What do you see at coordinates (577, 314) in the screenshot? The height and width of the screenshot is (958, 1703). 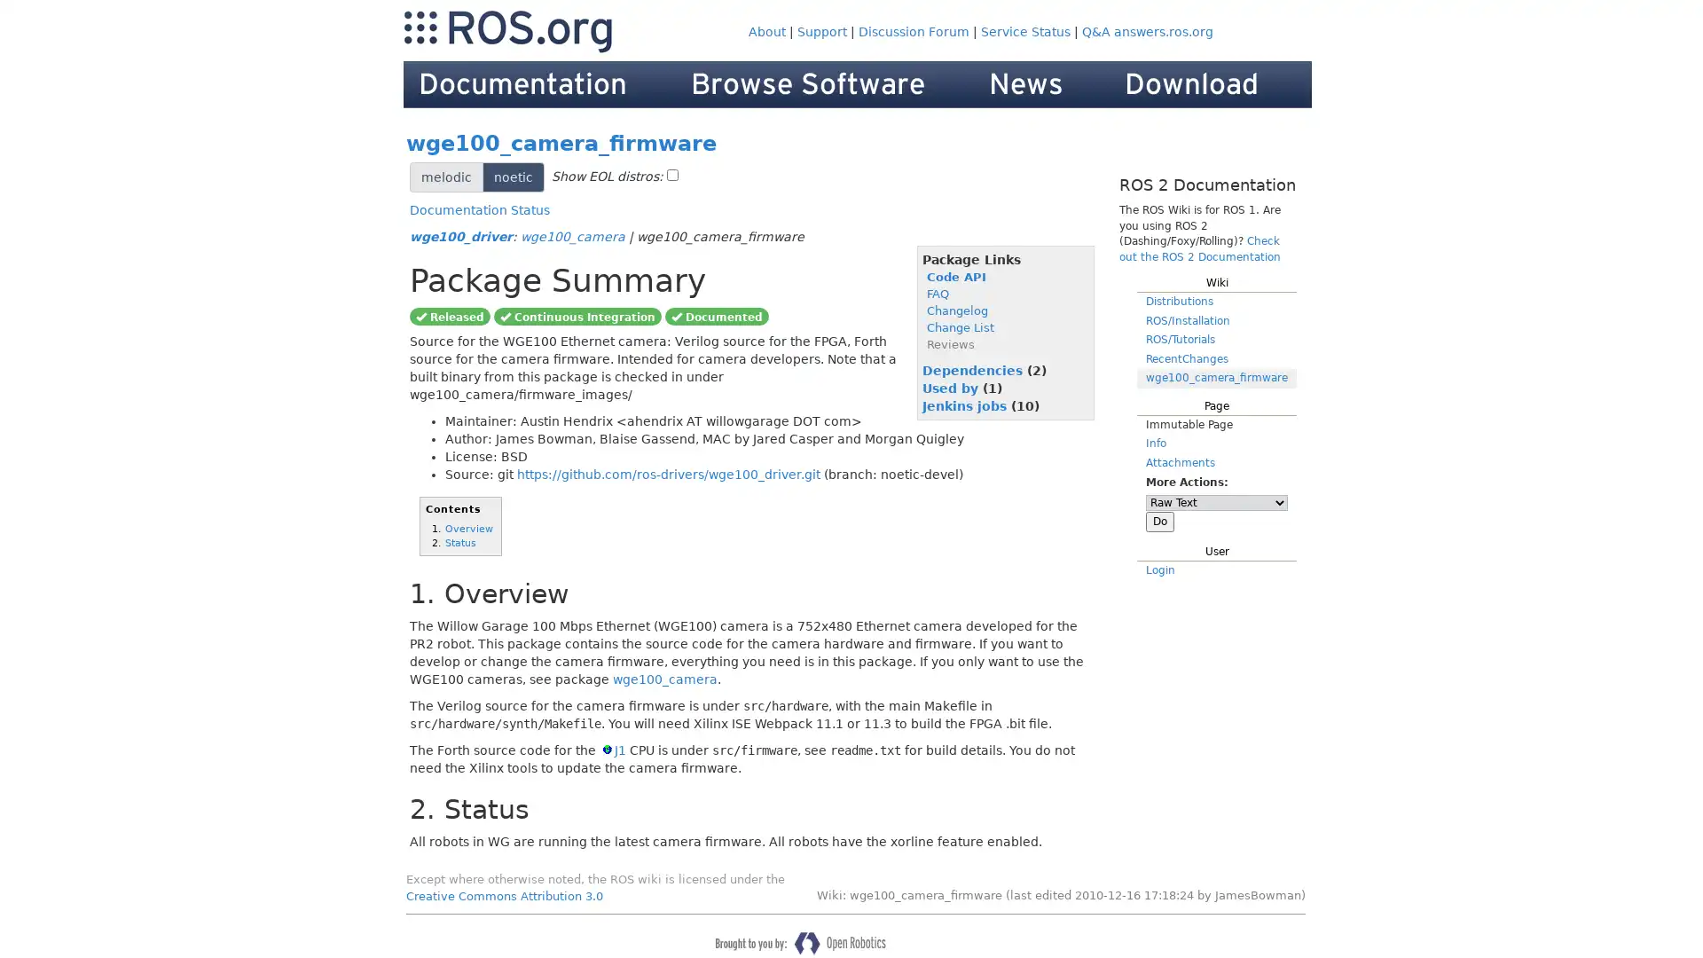 I see `Continuous Integration` at bounding box center [577, 314].